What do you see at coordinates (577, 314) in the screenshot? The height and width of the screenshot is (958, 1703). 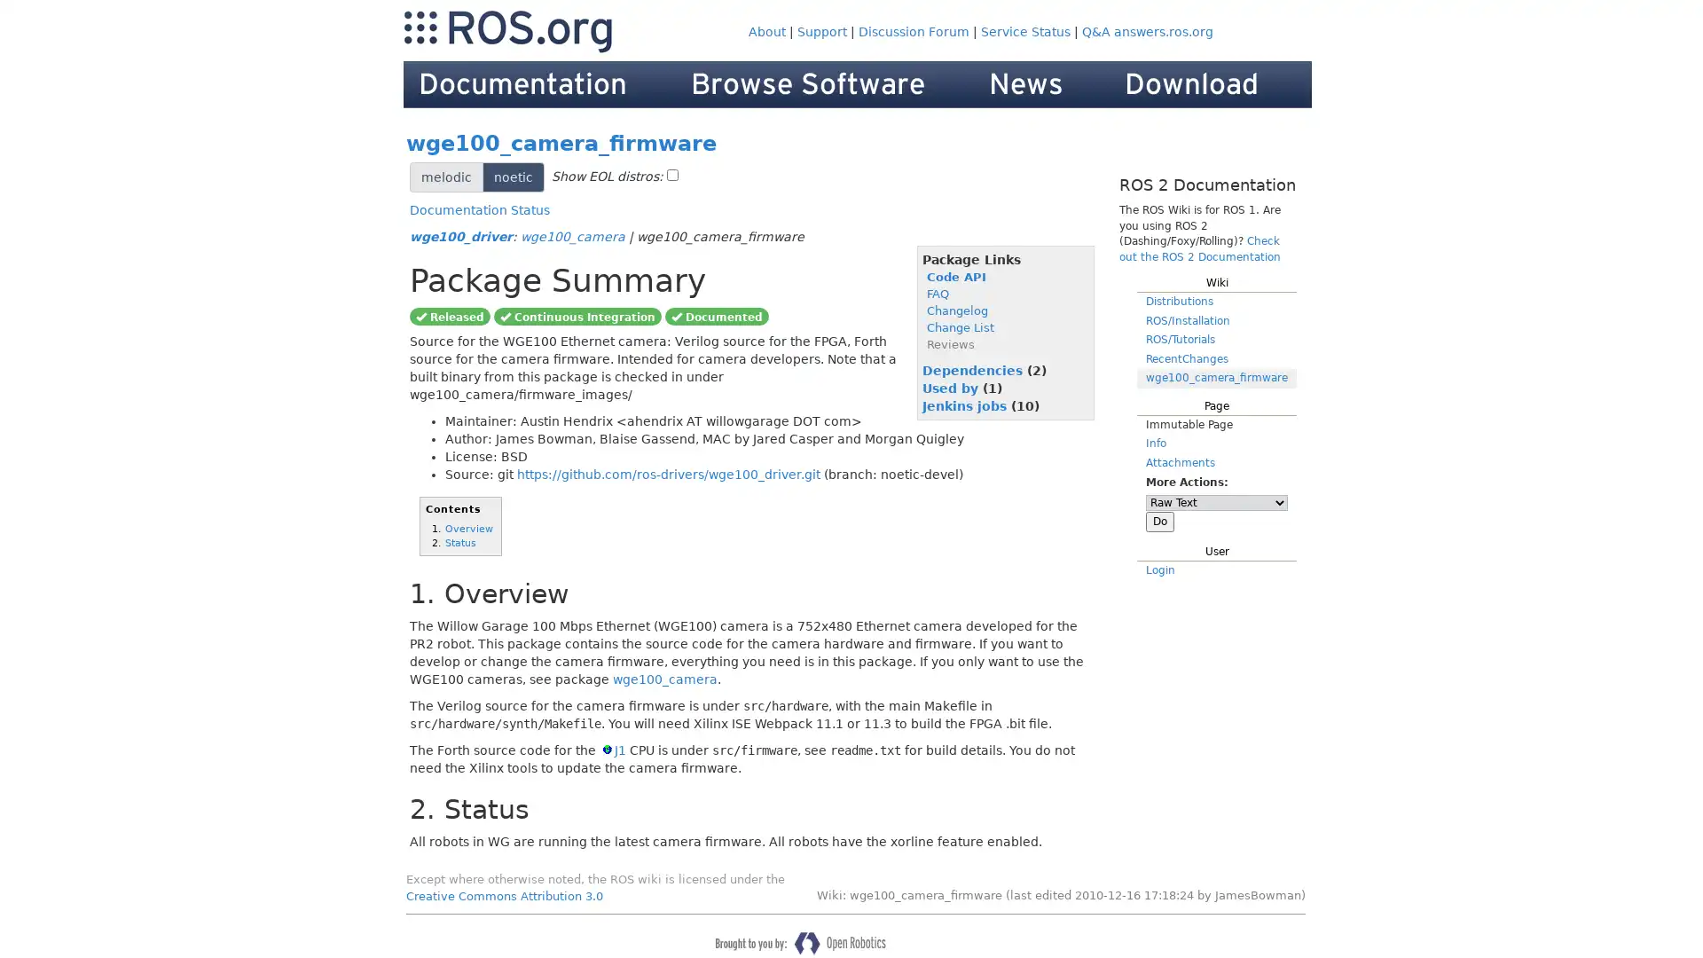 I see `Continuous Integration` at bounding box center [577, 314].